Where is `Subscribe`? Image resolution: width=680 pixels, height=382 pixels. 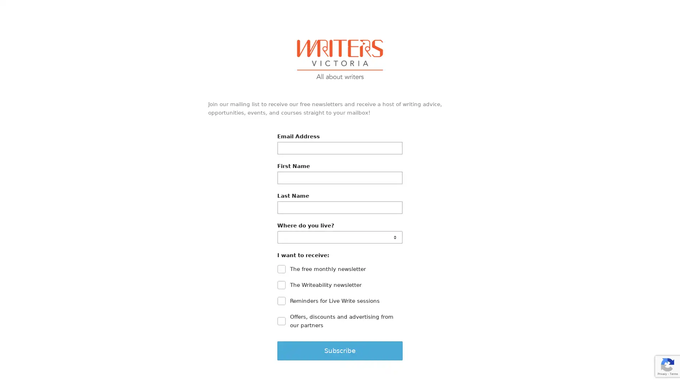 Subscribe is located at coordinates (340, 351).